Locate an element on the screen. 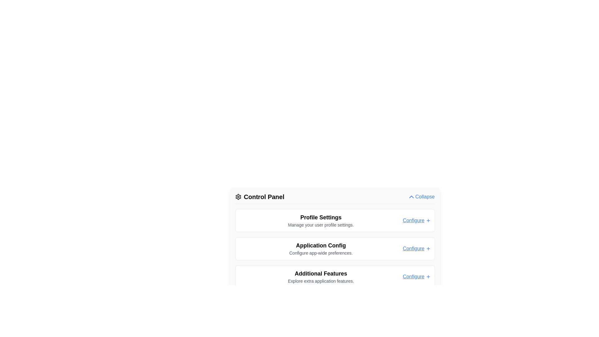 The height and width of the screenshot is (337, 599). the blue underlined text link labeled 'Configure' with a '+' icon next to it, located in the 'Additional Features' panel at the bottom of the Control Panel is located at coordinates (416, 276).